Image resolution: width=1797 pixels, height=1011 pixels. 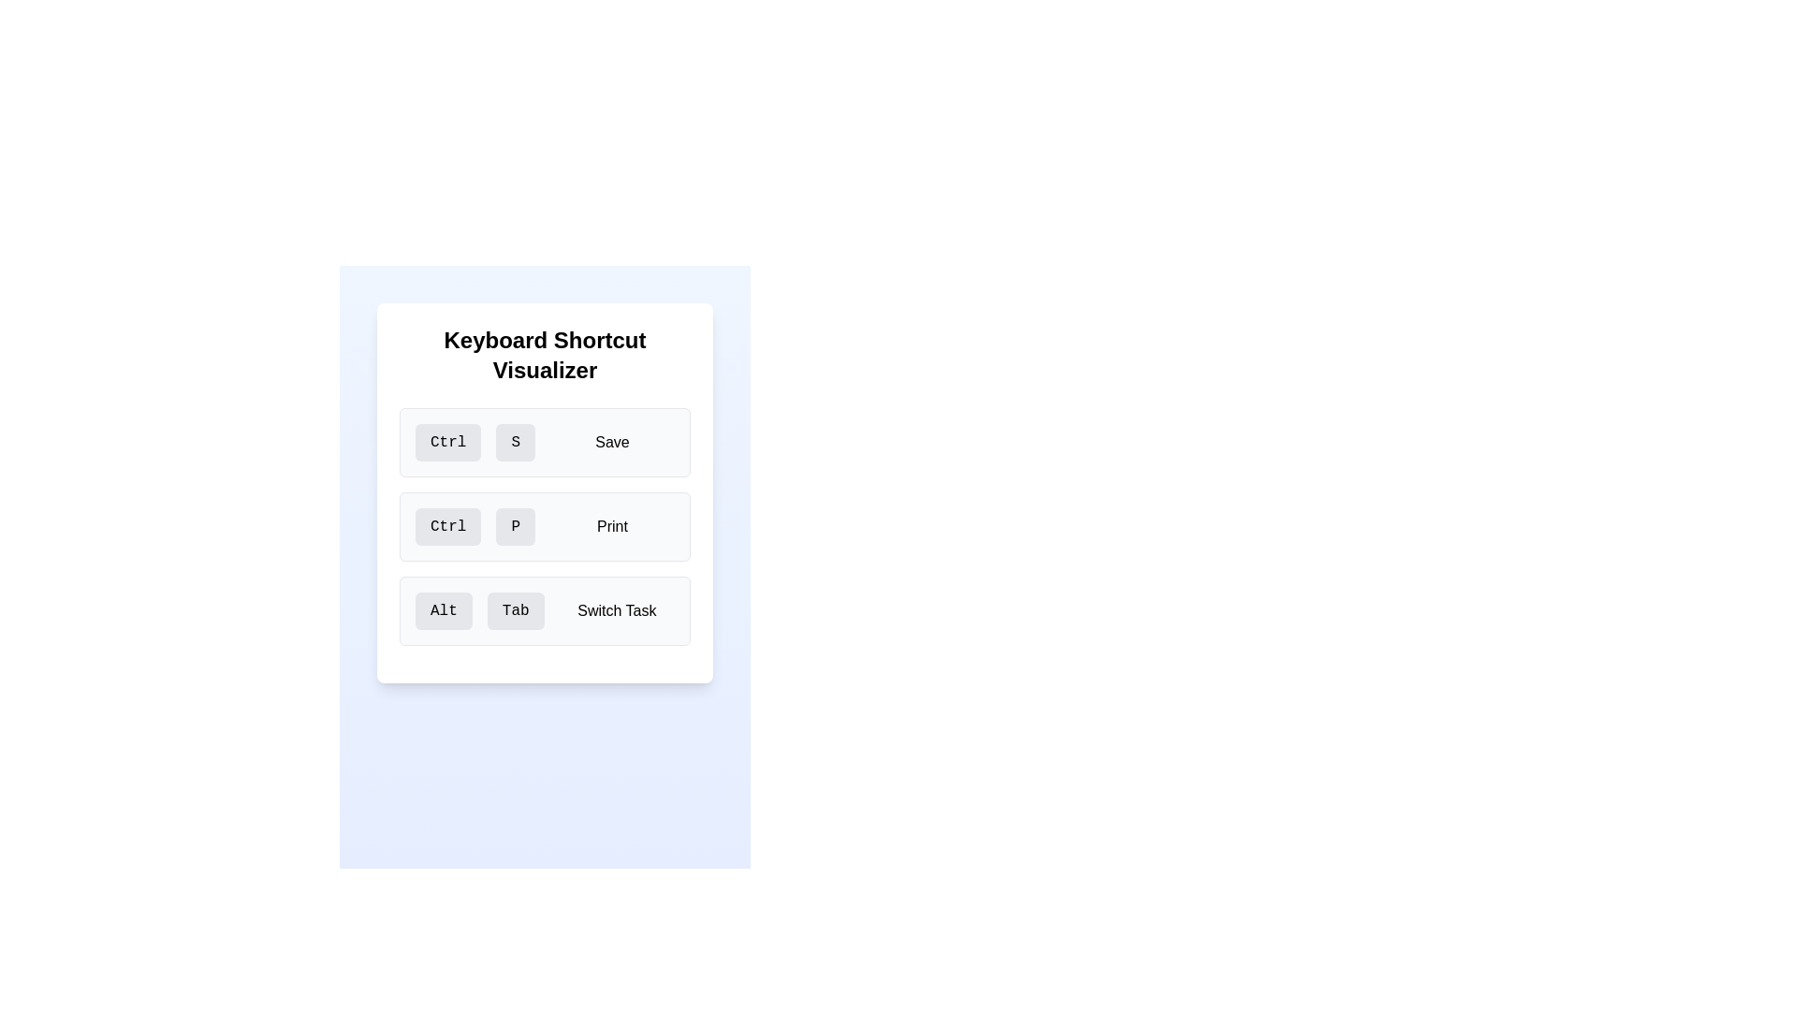 What do you see at coordinates (447, 443) in the screenshot?
I see `the static button labeled 'Ctrl', which is a rectangular button with rounded corners and a light gray background, centered in its design` at bounding box center [447, 443].